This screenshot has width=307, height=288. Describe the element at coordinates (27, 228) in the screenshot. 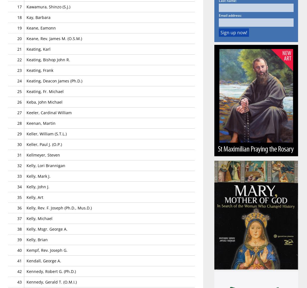

I see `'Kelly, Msgr. George A.'` at that location.